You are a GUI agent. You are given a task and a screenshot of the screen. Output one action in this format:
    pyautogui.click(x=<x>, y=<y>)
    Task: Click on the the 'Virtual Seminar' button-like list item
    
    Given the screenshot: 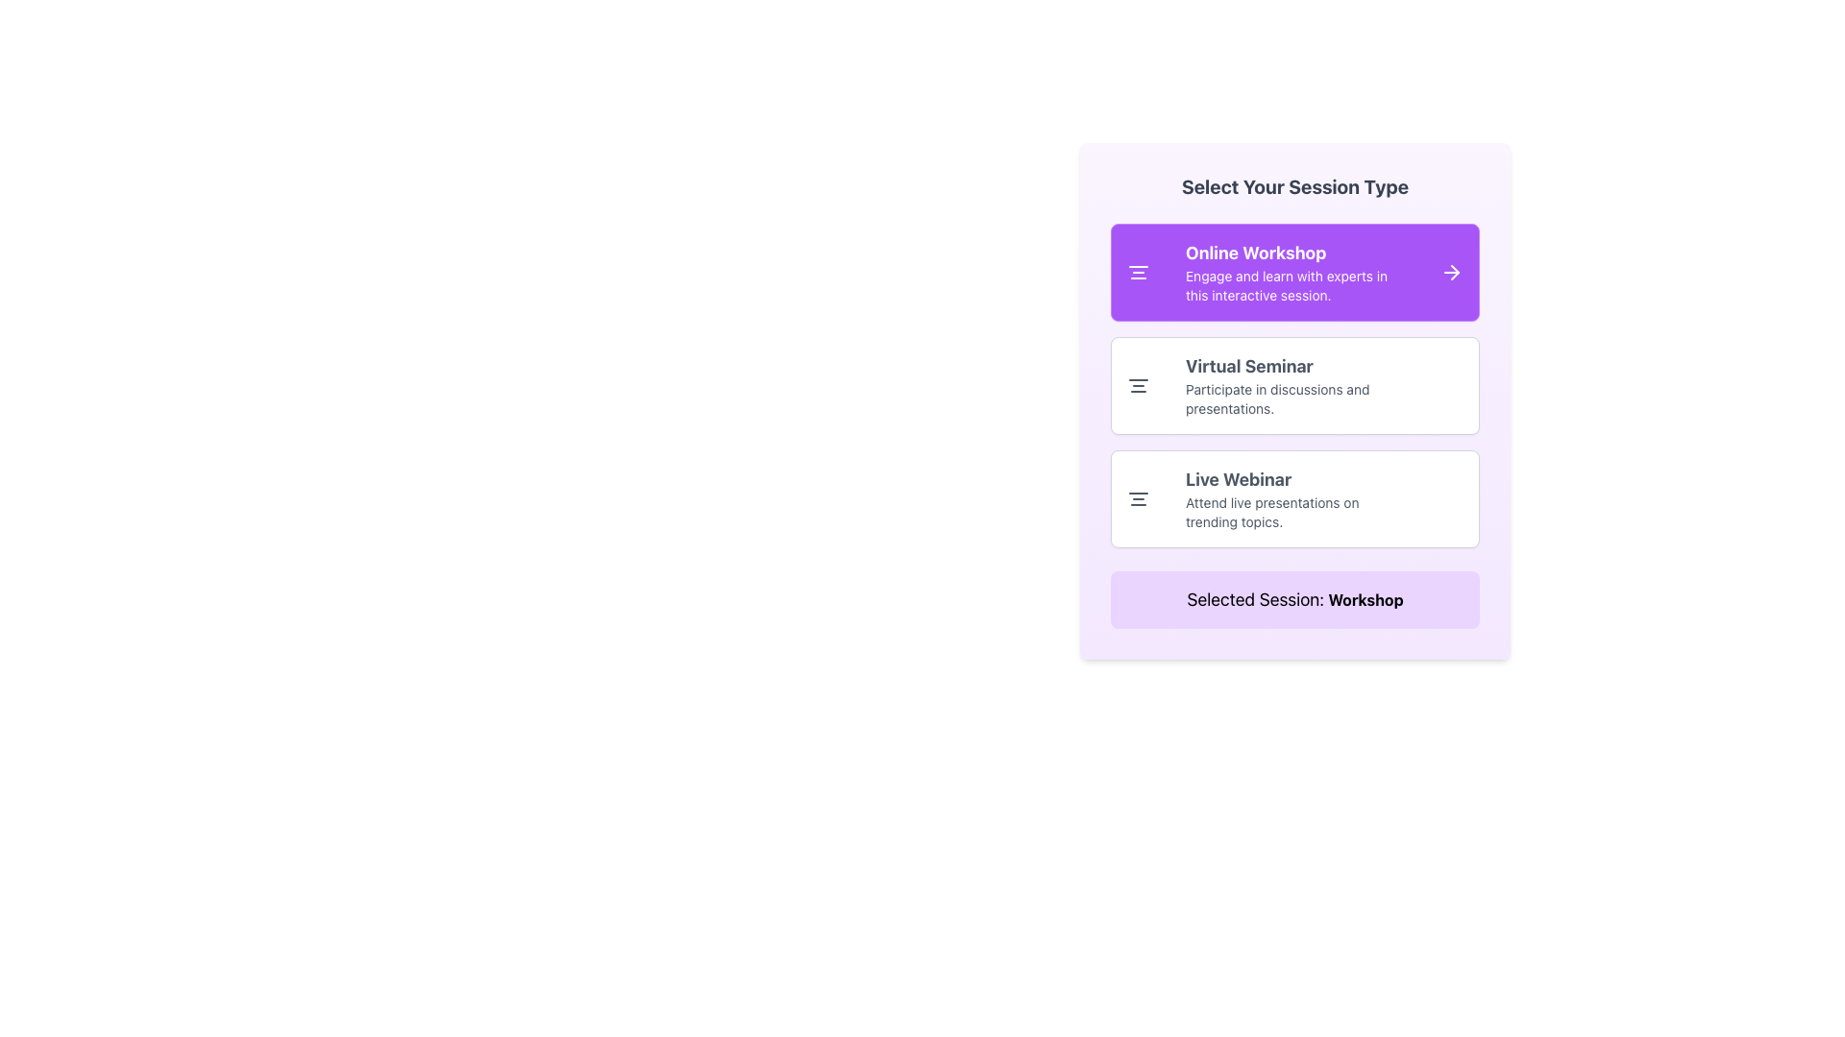 What is the action you would take?
    pyautogui.click(x=1295, y=385)
    